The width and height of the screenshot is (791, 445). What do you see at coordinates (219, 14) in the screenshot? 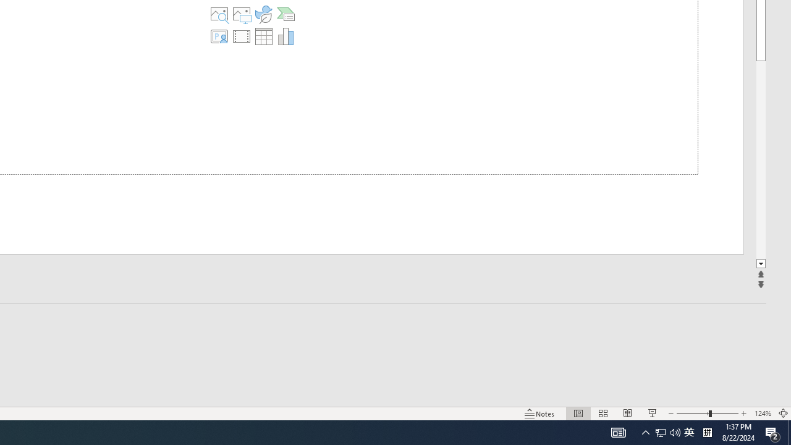
I see `'Stock Images'` at bounding box center [219, 14].